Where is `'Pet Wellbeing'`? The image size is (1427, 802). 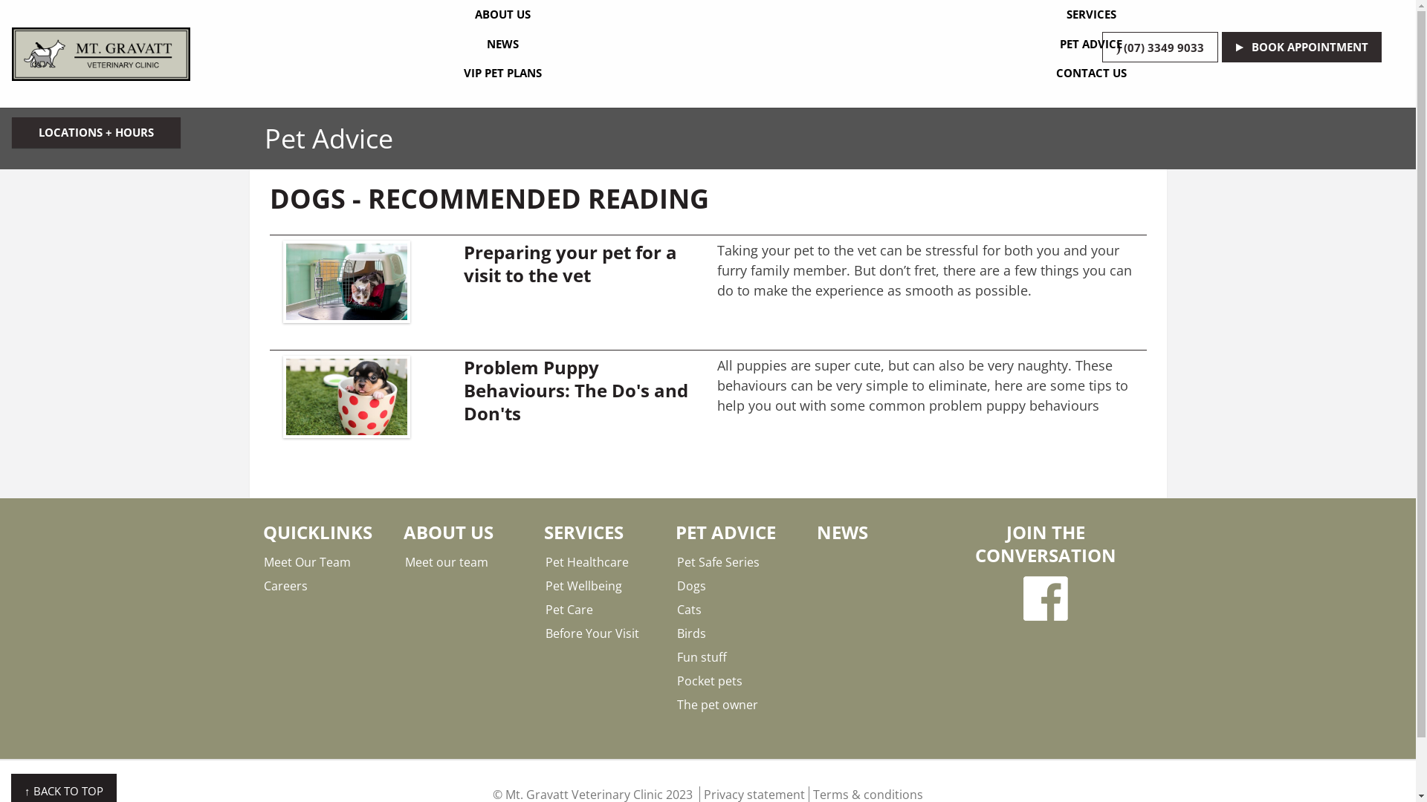
'Pet Wellbeing' is located at coordinates (605, 585).